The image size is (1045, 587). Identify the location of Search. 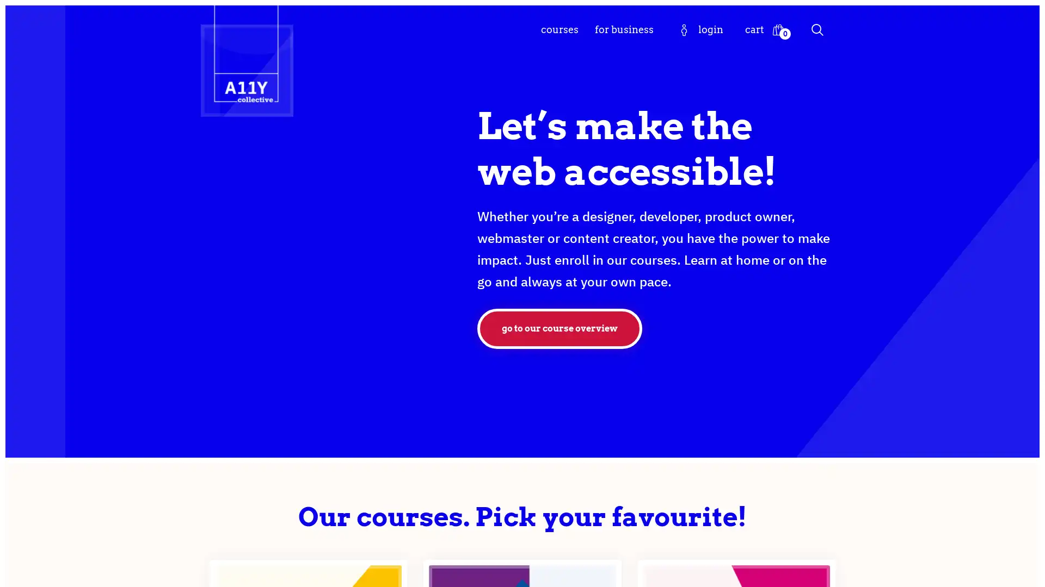
(817, 29).